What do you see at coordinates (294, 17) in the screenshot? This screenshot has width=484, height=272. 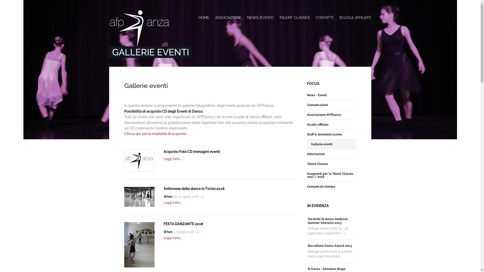 I see `'TALENT CLASSES'` at bounding box center [294, 17].